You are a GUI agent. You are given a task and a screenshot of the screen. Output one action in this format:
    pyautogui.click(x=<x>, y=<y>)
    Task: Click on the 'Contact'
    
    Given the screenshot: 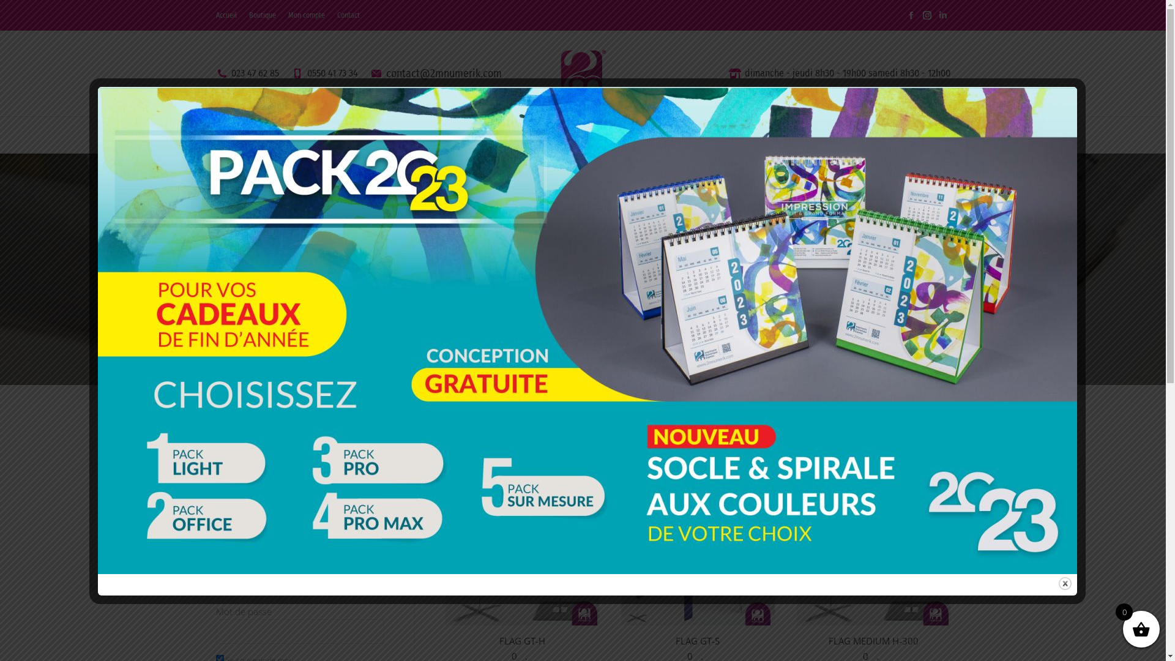 What is the action you would take?
    pyautogui.click(x=347, y=15)
    